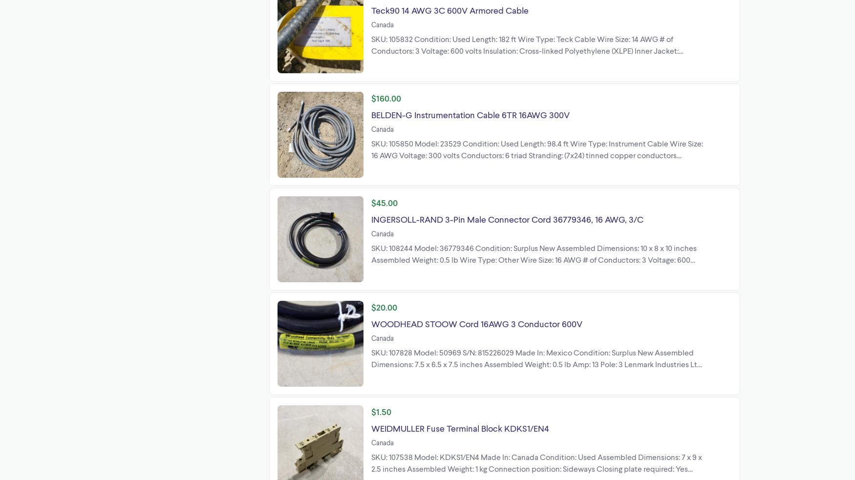 The height and width of the screenshot is (480, 855). I want to click on '$160.00', so click(385, 98).